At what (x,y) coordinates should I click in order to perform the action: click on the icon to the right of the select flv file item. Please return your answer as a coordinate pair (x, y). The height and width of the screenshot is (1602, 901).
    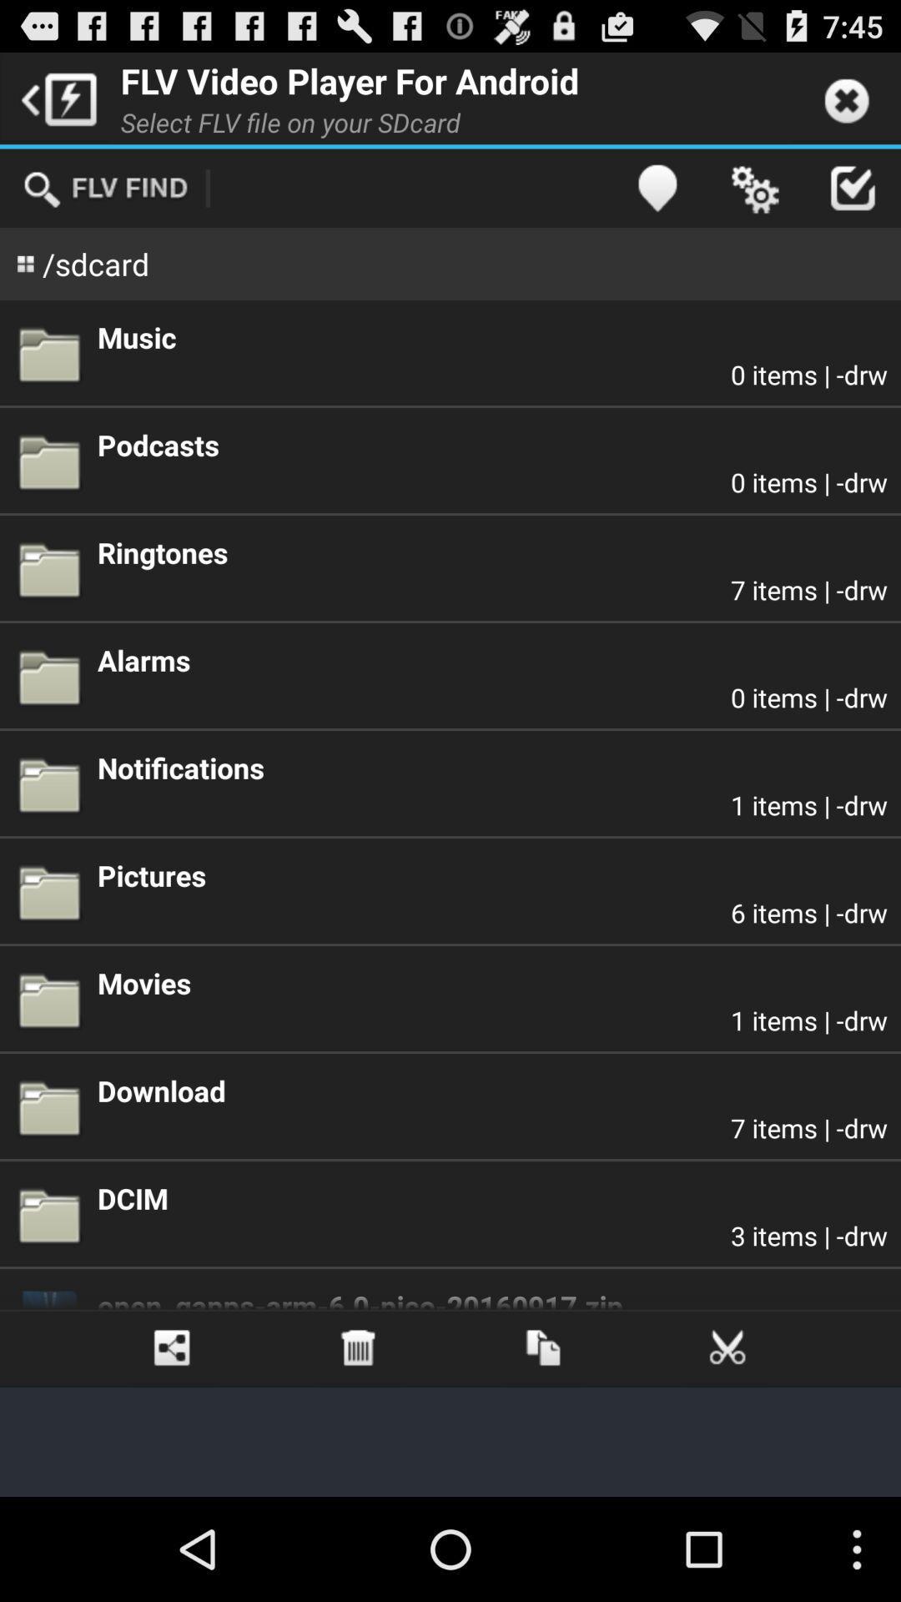
    Looking at the image, I should click on (656, 188).